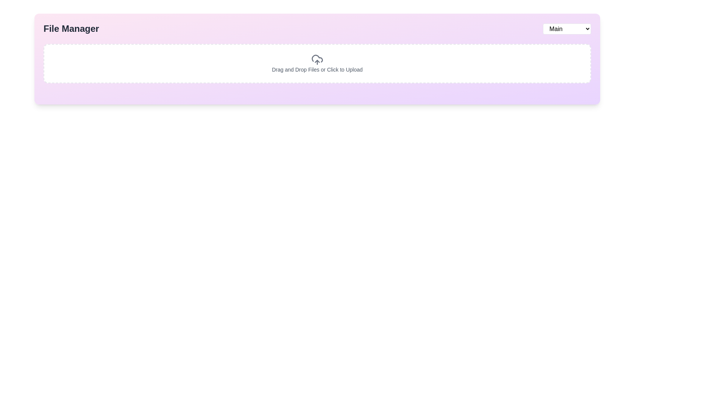 This screenshot has height=409, width=727. Describe the element at coordinates (71, 28) in the screenshot. I see `text header displaying 'File Manager', which is a bold, large-sized text in dark gray color located at the top-left area of the interface` at that location.